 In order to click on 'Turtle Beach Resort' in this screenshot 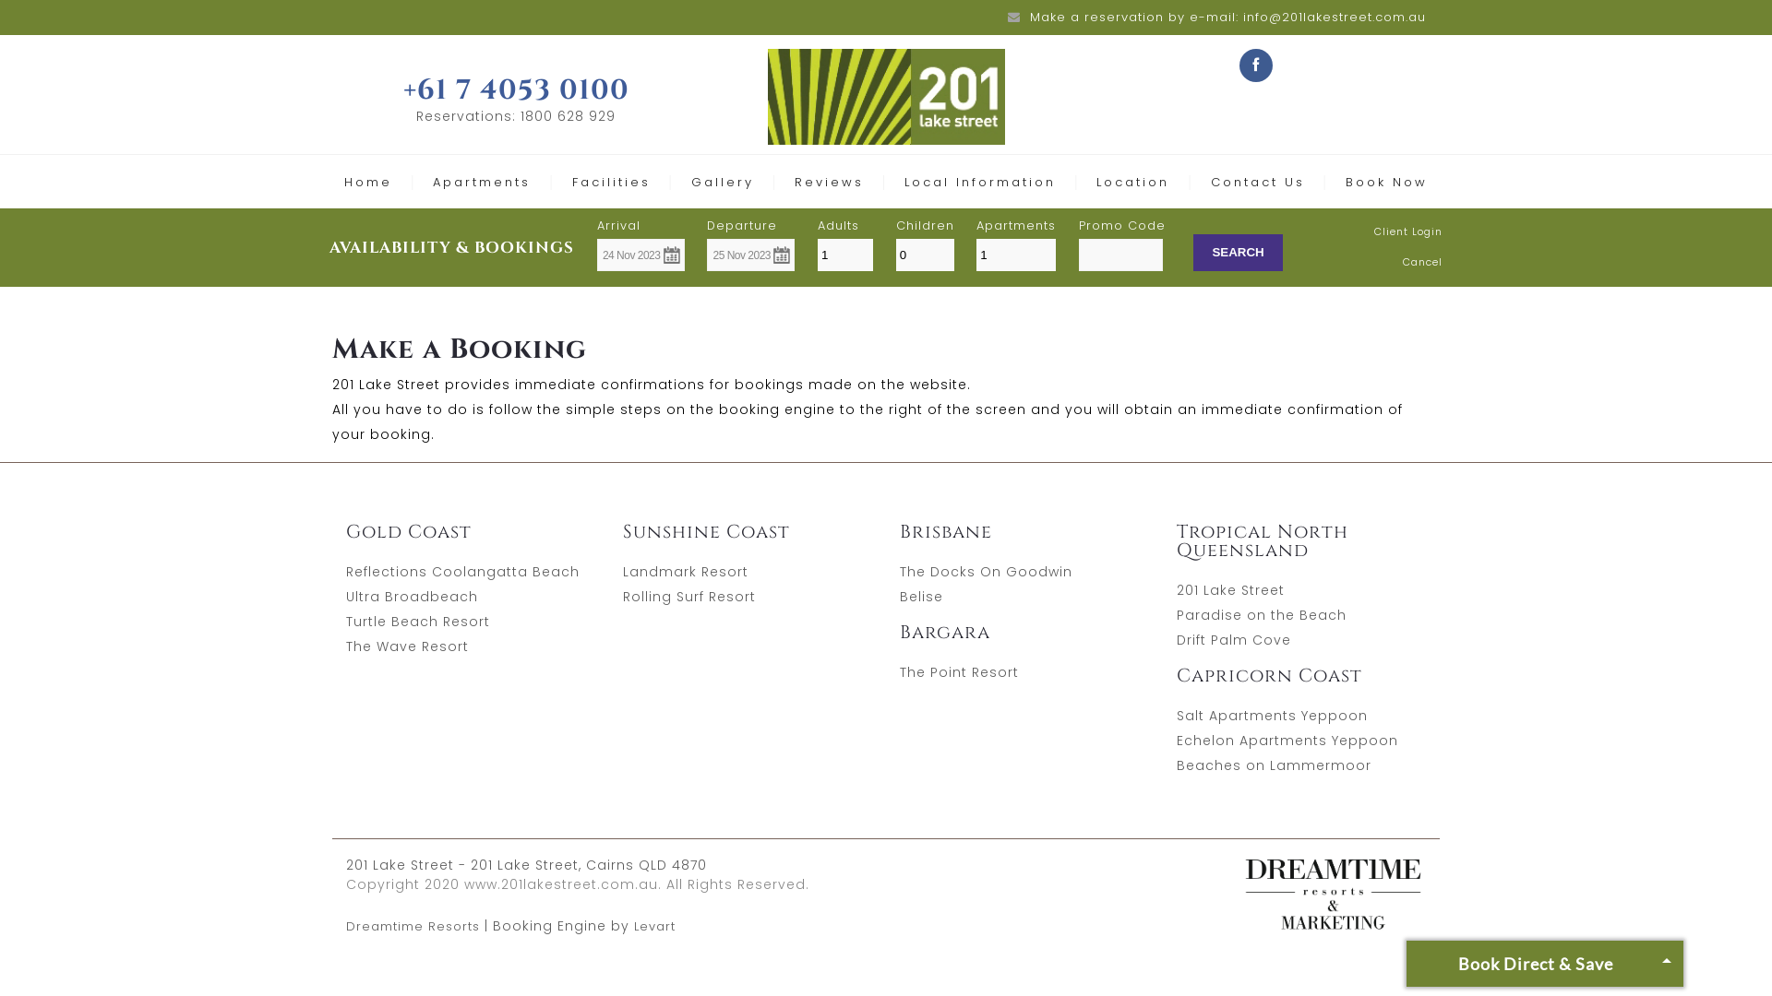, I will do `click(416, 622)`.